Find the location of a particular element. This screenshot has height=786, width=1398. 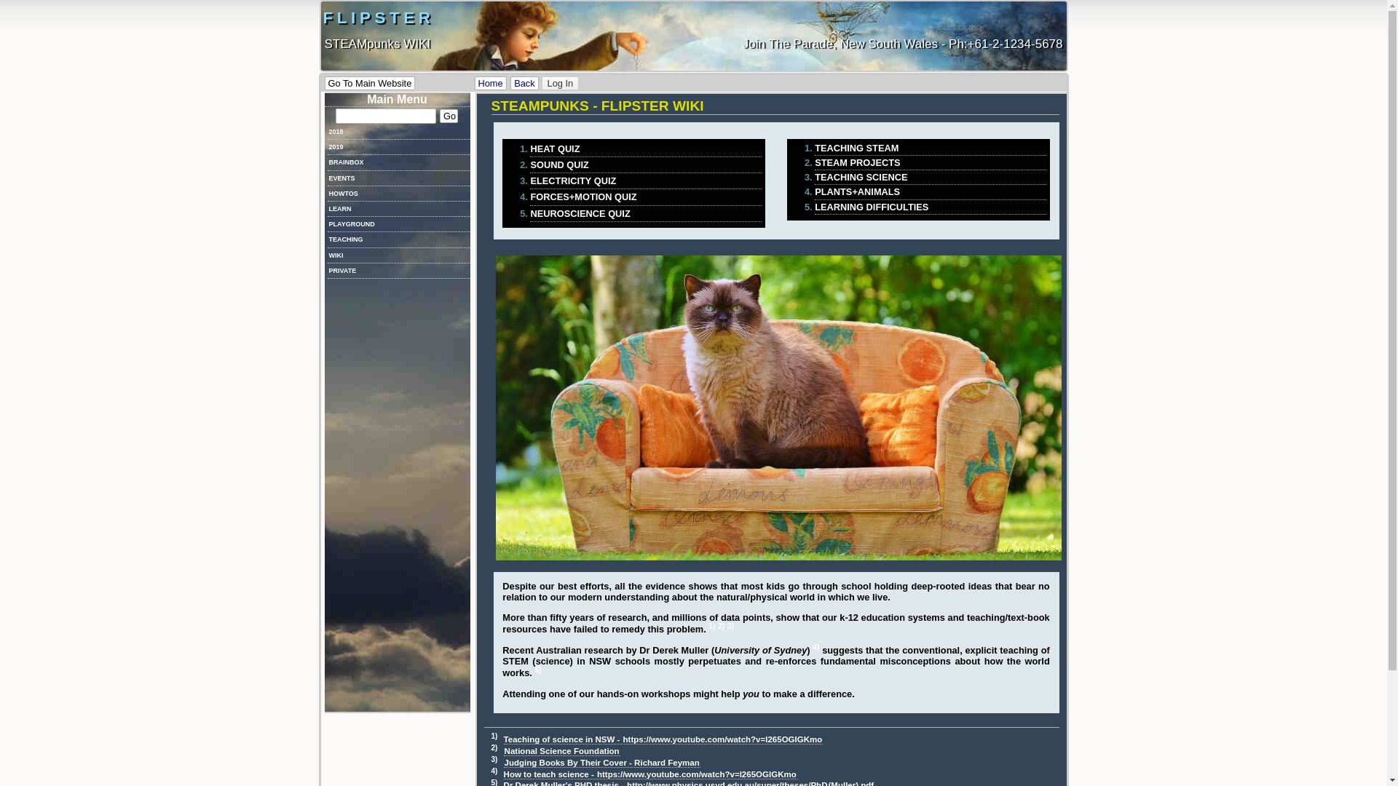

'Go' is located at coordinates (448, 115).